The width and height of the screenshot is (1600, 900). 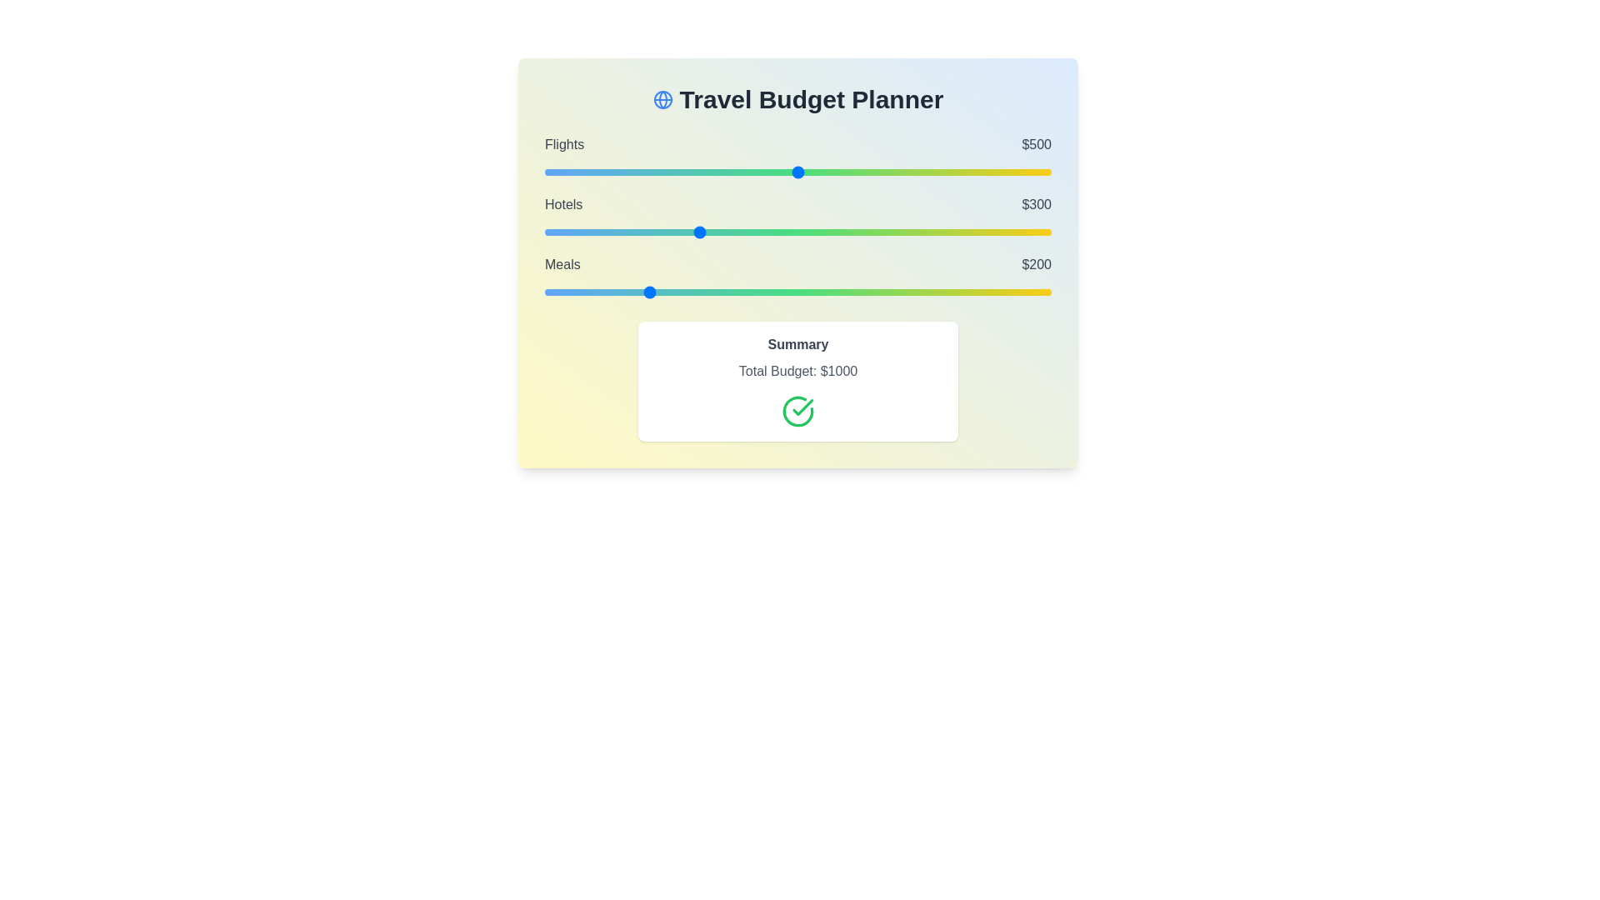 I want to click on the 'Flights' budget slider to 149, so click(x=619, y=172).